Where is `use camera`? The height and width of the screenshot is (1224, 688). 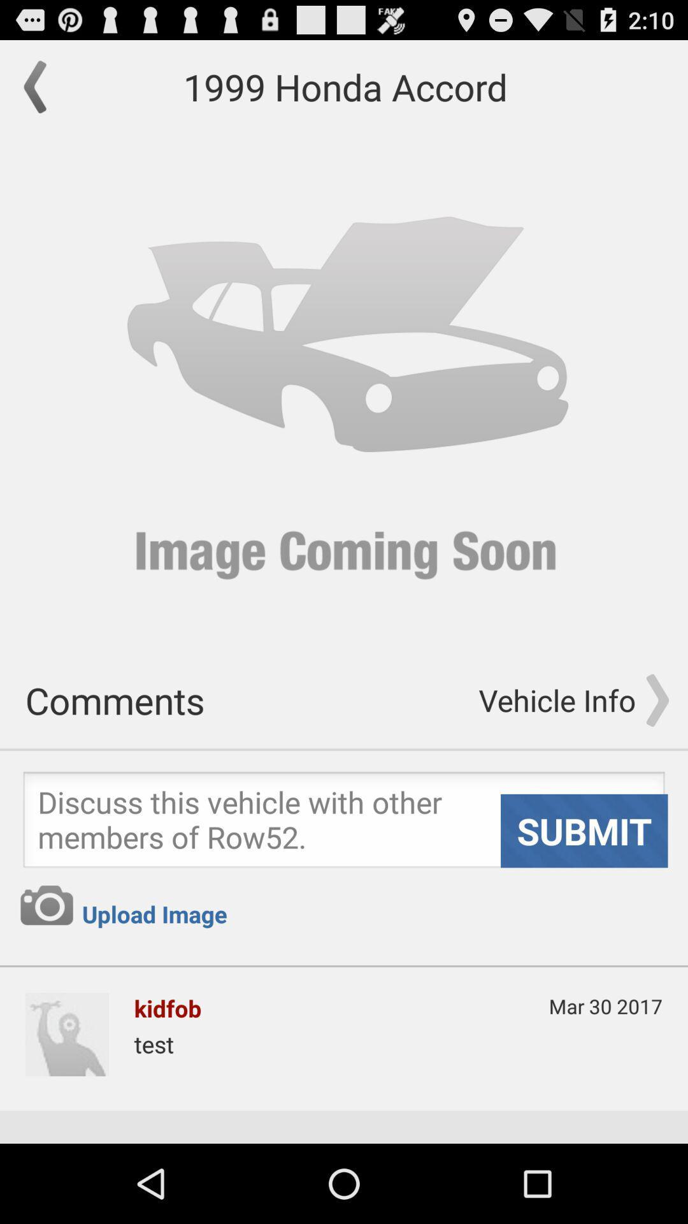
use camera is located at coordinates (46, 905).